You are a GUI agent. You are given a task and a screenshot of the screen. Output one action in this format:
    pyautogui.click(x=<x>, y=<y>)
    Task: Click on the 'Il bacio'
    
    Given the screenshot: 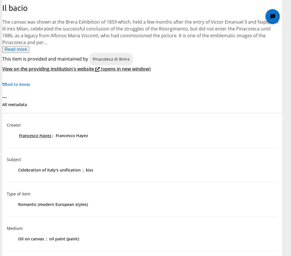 What is the action you would take?
    pyautogui.click(x=15, y=7)
    